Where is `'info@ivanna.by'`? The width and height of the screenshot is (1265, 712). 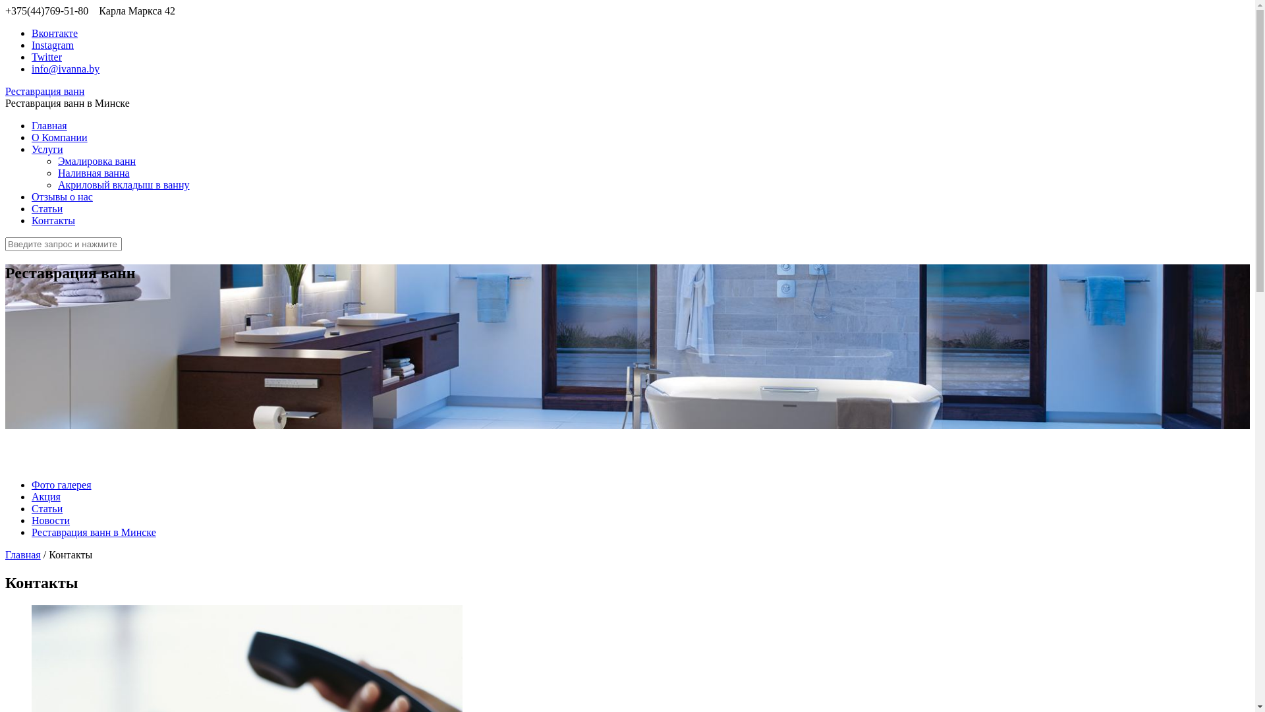 'info@ivanna.by' is located at coordinates (65, 69).